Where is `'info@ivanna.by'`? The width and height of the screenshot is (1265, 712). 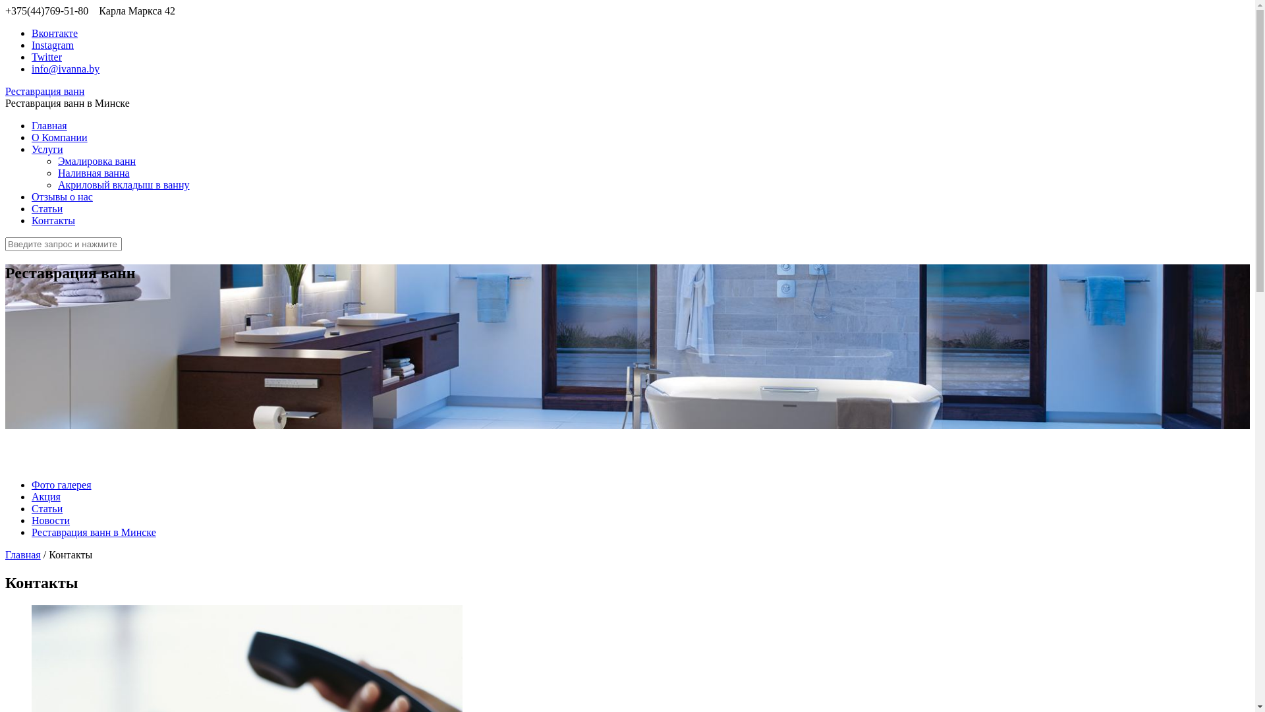 'info@ivanna.by' is located at coordinates (65, 69).